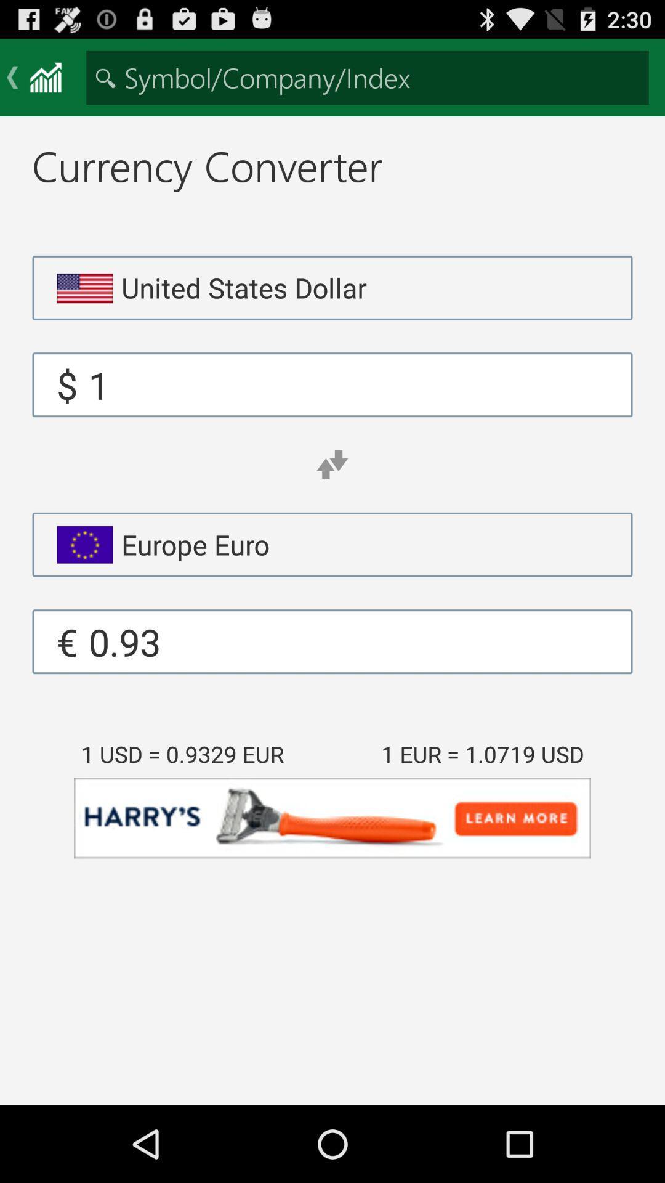  Describe the element at coordinates (331, 464) in the screenshot. I see `app above the europe euro app` at that location.